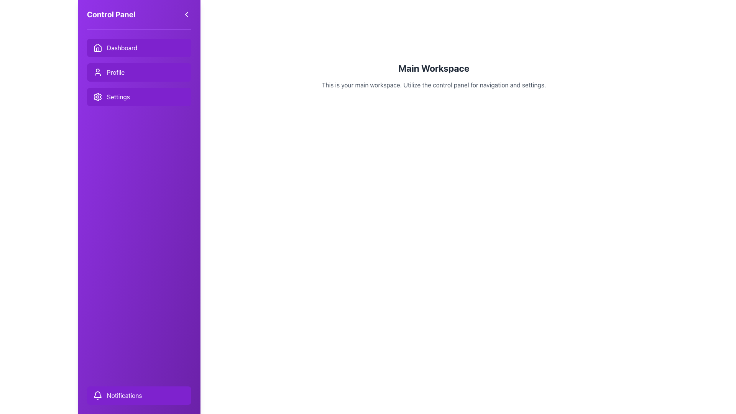 This screenshot has width=736, height=414. What do you see at coordinates (111, 15) in the screenshot?
I see `the 'Control Panel' label located at the top left corner of the sidebar menu` at bounding box center [111, 15].